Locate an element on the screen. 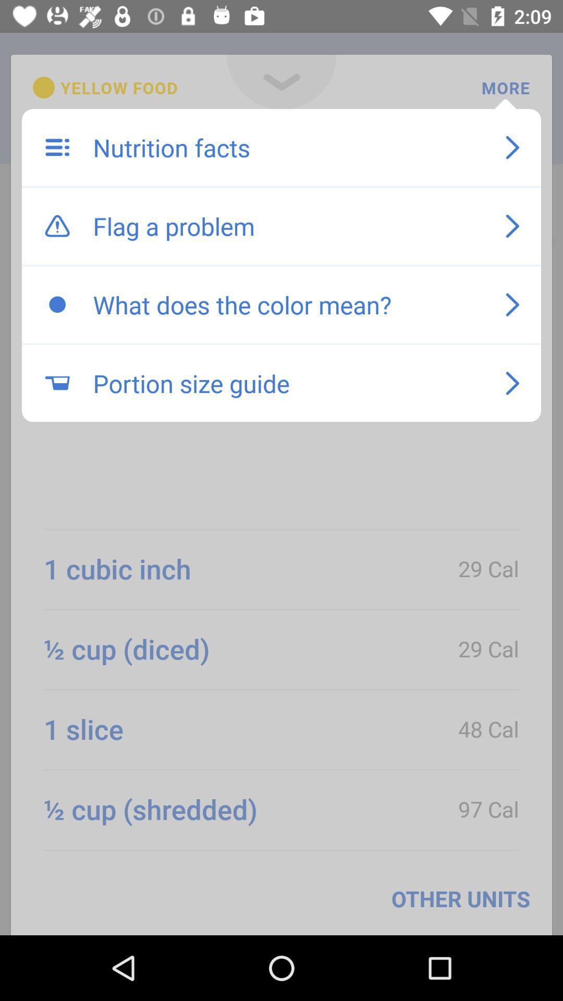  the what does the icon is located at coordinates (288, 304).